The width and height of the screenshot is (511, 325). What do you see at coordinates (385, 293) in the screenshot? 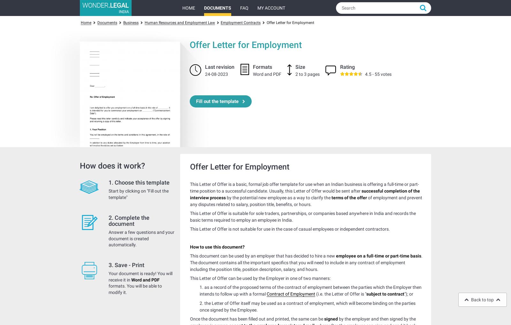
I see `'subject to contract'` at bounding box center [385, 293].